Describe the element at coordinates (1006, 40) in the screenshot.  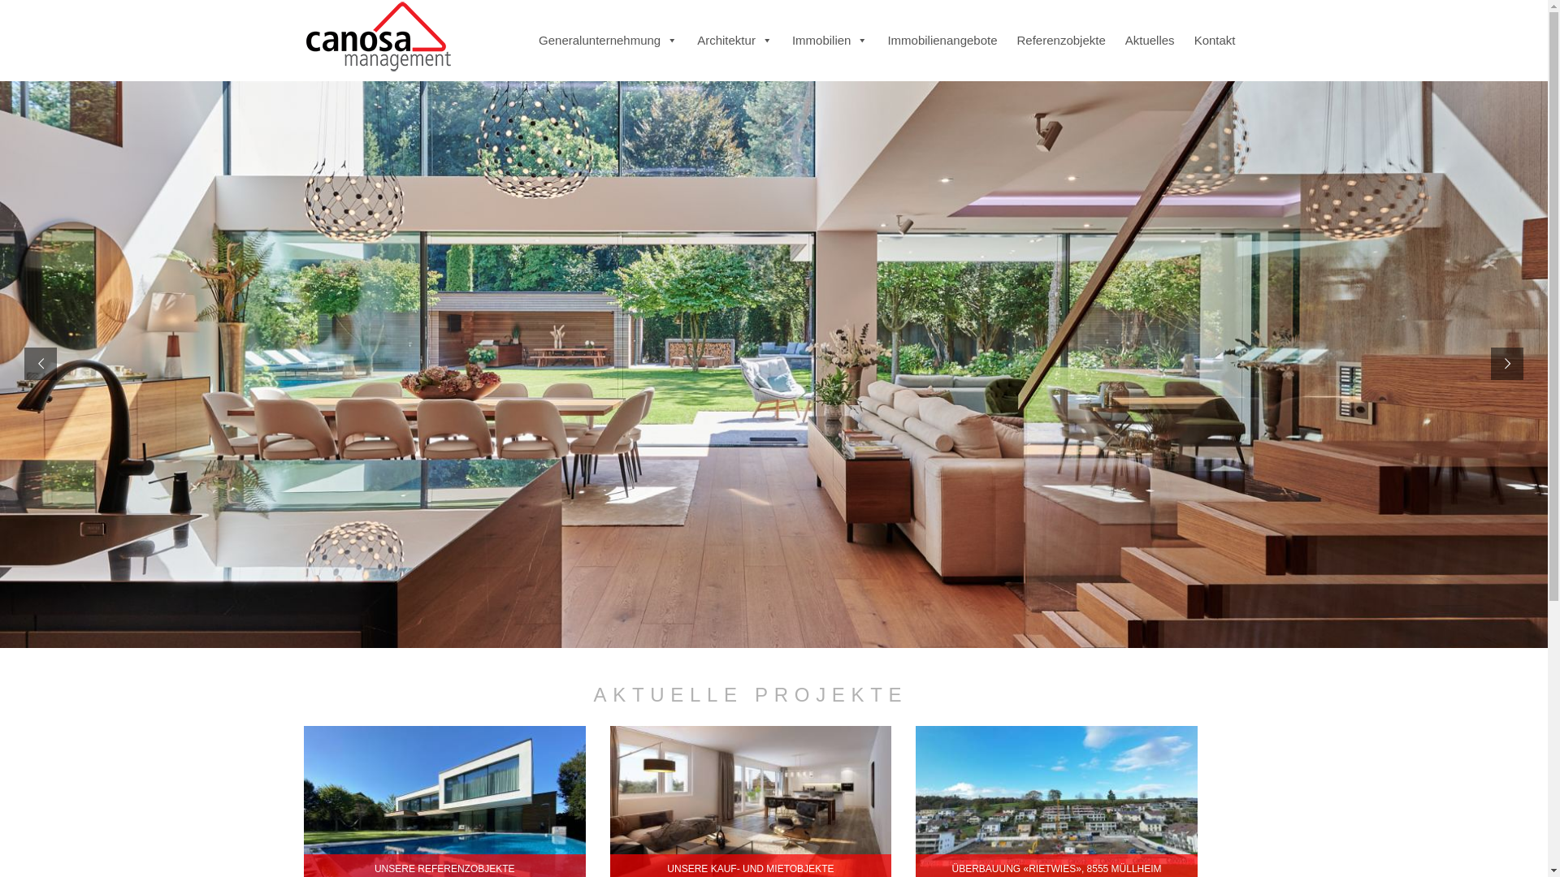
I see `'Referenzobjekte'` at that location.